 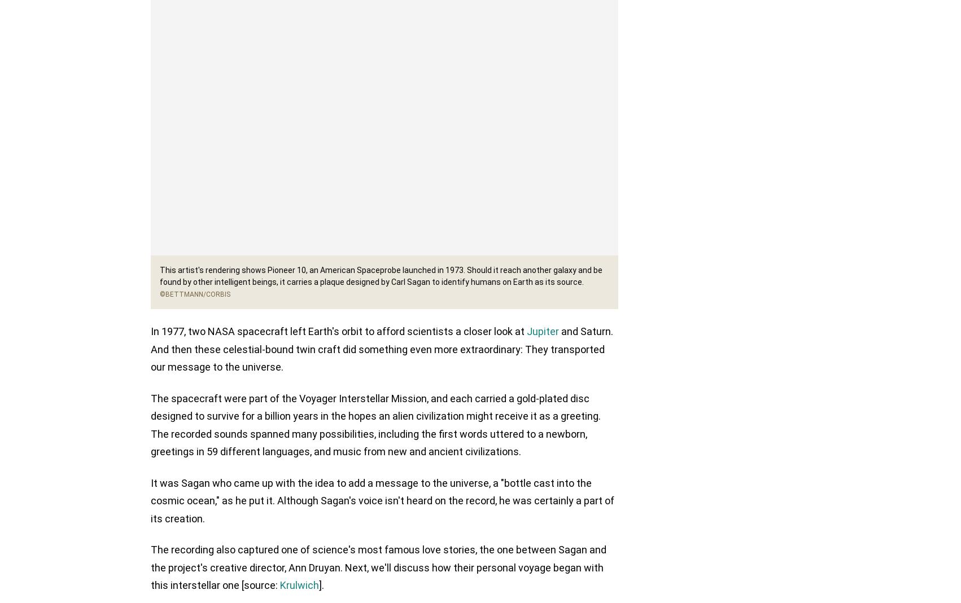 I want to click on '].', so click(x=321, y=586).